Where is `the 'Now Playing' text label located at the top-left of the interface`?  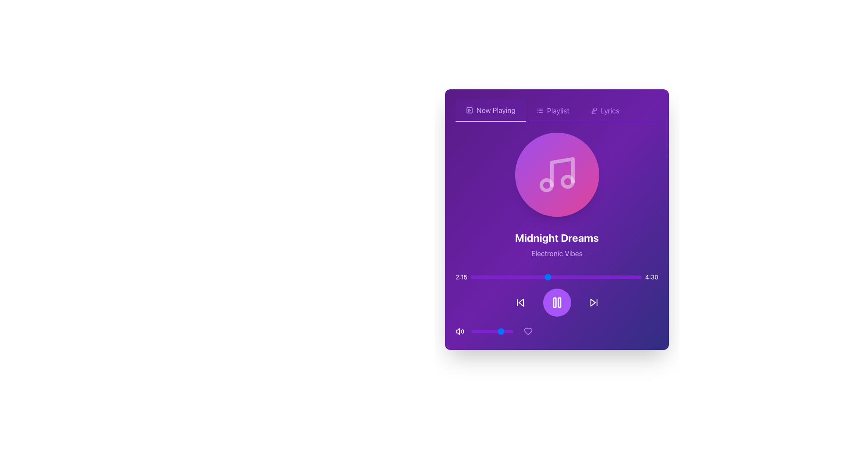
the 'Now Playing' text label located at the top-left of the interface is located at coordinates (496, 109).